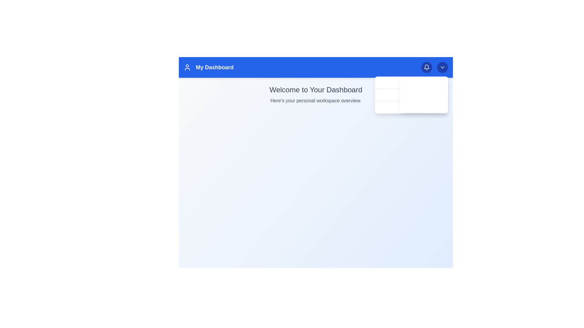 This screenshot has height=328, width=584. Describe the element at coordinates (316, 100) in the screenshot. I see `the text snippet displaying 'Here's your personal workspace overview.'` at that location.